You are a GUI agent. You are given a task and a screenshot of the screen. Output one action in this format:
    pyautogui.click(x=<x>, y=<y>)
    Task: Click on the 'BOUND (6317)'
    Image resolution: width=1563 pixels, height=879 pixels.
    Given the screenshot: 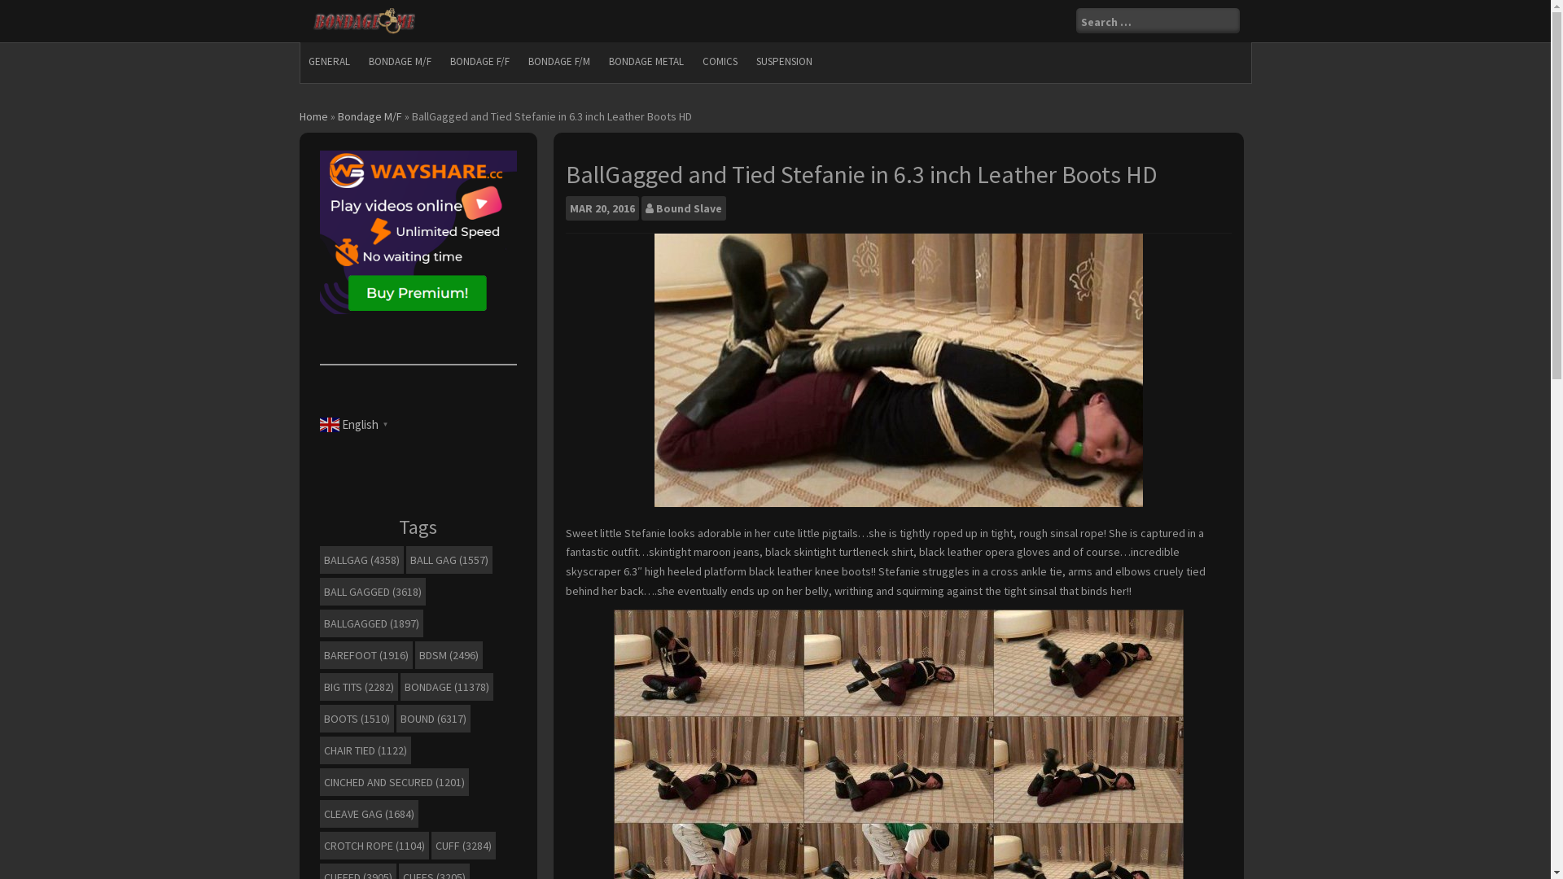 What is the action you would take?
    pyautogui.click(x=432, y=718)
    